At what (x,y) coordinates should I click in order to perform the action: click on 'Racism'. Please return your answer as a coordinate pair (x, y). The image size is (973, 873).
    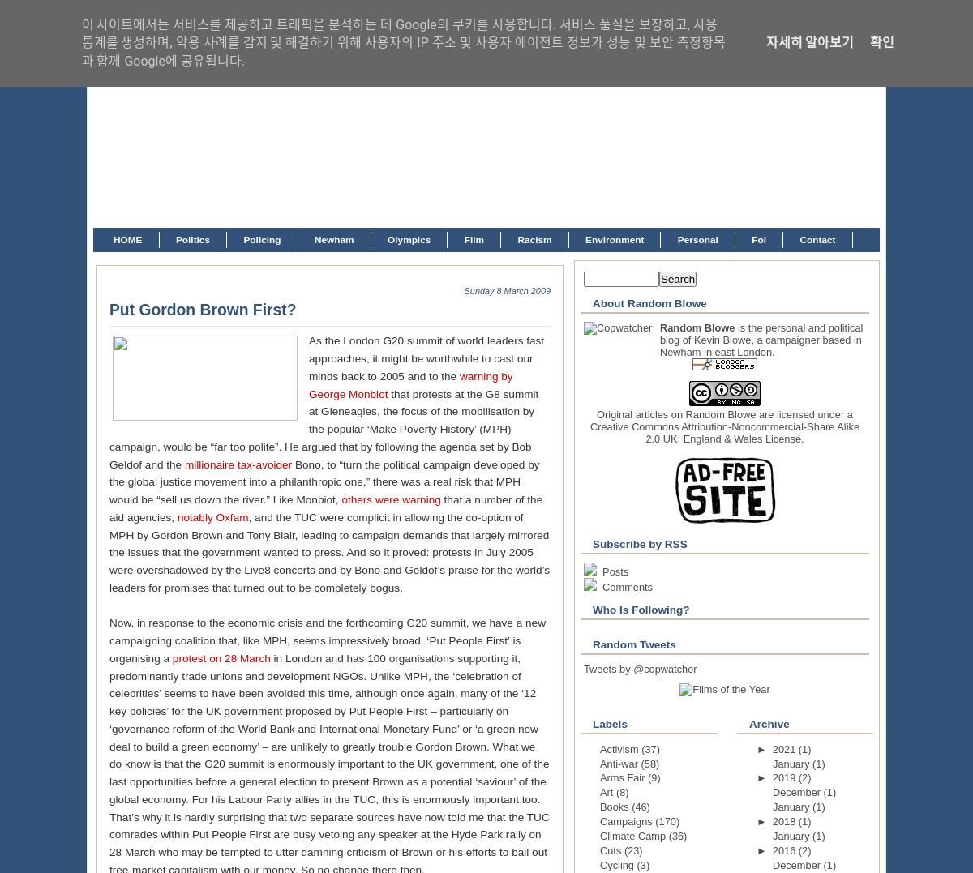
    Looking at the image, I should click on (534, 239).